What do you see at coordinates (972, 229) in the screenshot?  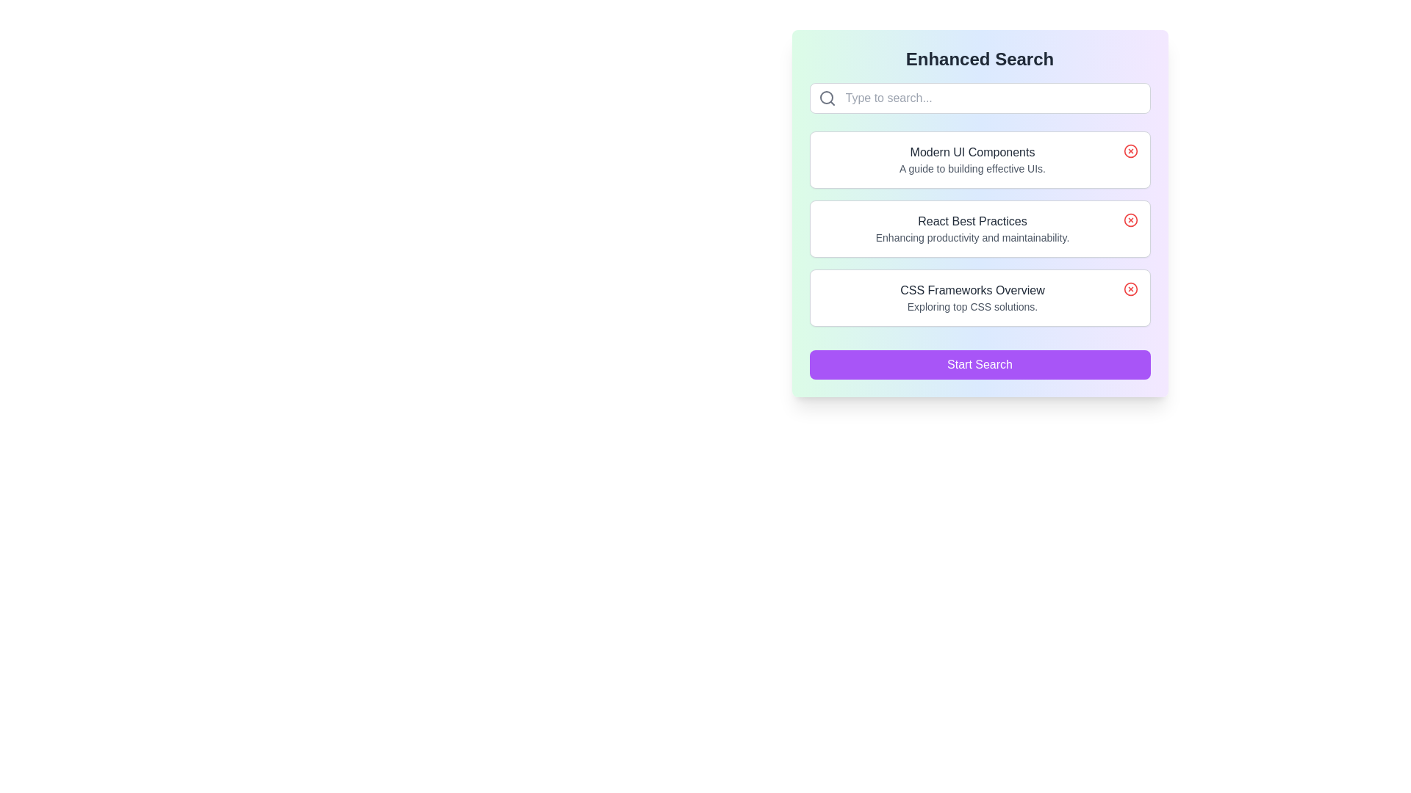 I see `the text block titled 'React Best Practices' with the subtitle 'Enhancing productivity and maintainability'` at bounding box center [972, 229].